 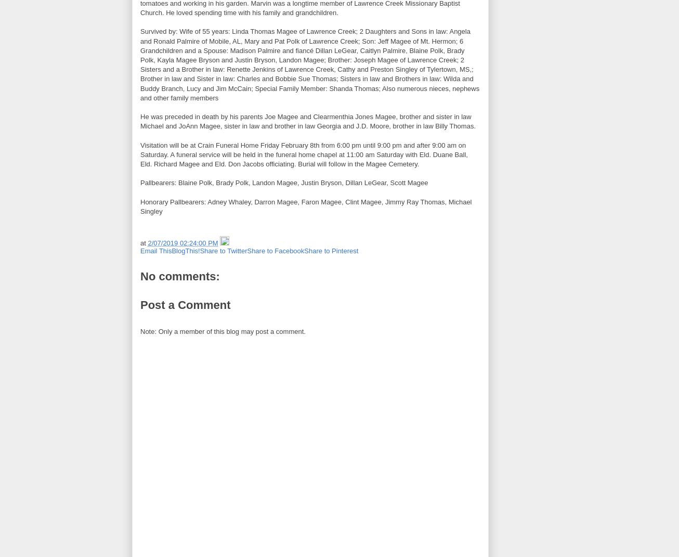 What do you see at coordinates (307, 121) in the screenshot?
I see `'He was preceded in death by his parents Joe Magee and Clearmenthia Jones Magee, brother and sister in law Michael and JoAnn Magee, sister in law and brother in law Georgia and J.D. Moore, brother in law Billy Thomas.'` at bounding box center [307, 121].